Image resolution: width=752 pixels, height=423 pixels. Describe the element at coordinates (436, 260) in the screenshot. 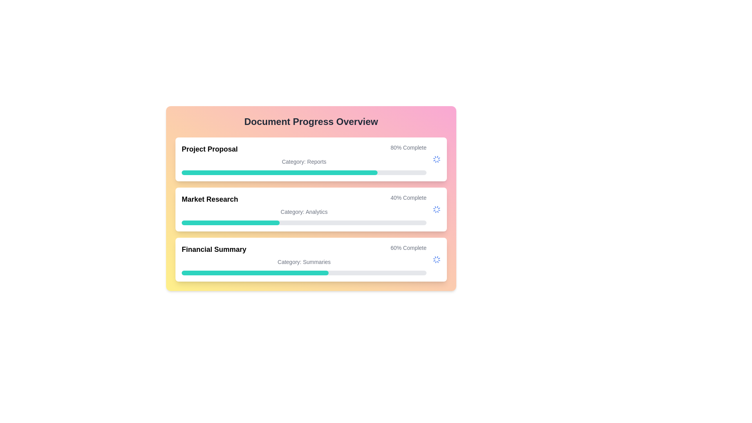

I see `the loading icon located in the bottom-right corner of the 'Financial Summary' panel, adjacent to the progress bar indicating 60% completion` at that location.